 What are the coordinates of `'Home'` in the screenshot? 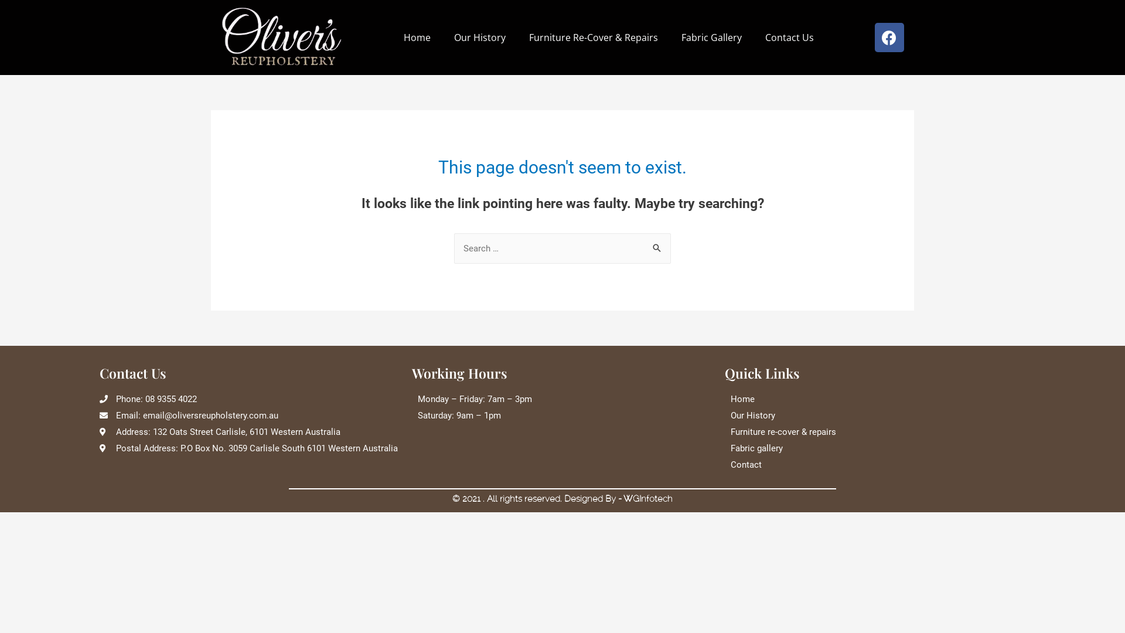 It's located at (417, 37).